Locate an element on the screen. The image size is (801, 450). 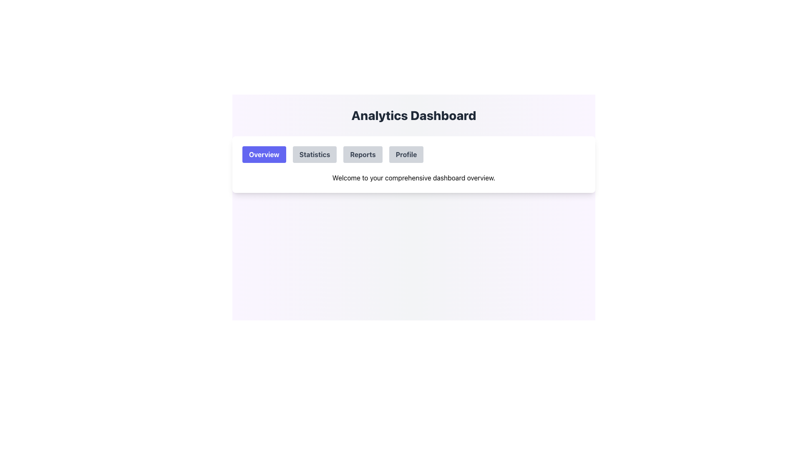
the 'Statistics' button, which is the second button from the left in the upper section of the navigation menu, to possibly see a visual indication of focus is located at coordinates (314, 154).